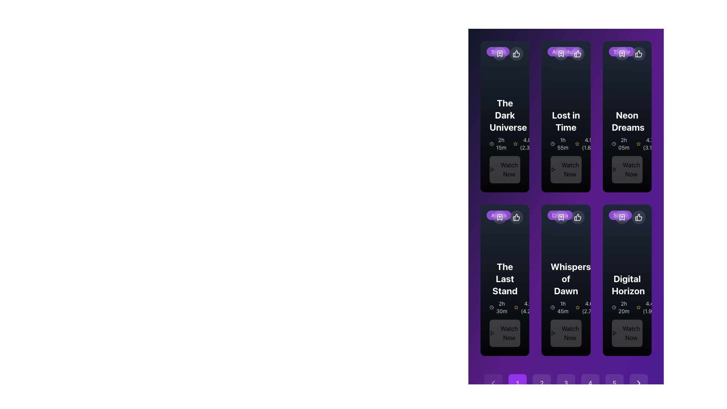  What do you see at coordinates (493, 383) in the screenshot?
I see `the Chevron style Icon button located in the bottom-left corner of the page` at bounding box center [493, 383].